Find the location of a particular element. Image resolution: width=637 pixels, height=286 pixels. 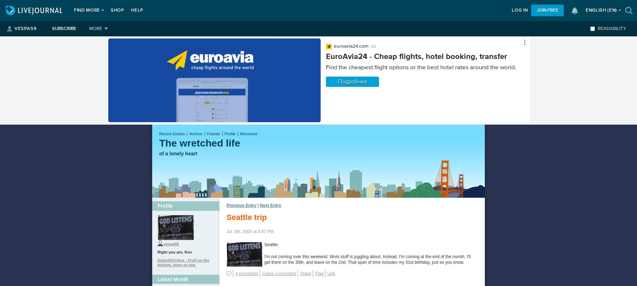

'Recent Entries' is located at coordinates (172, 133).